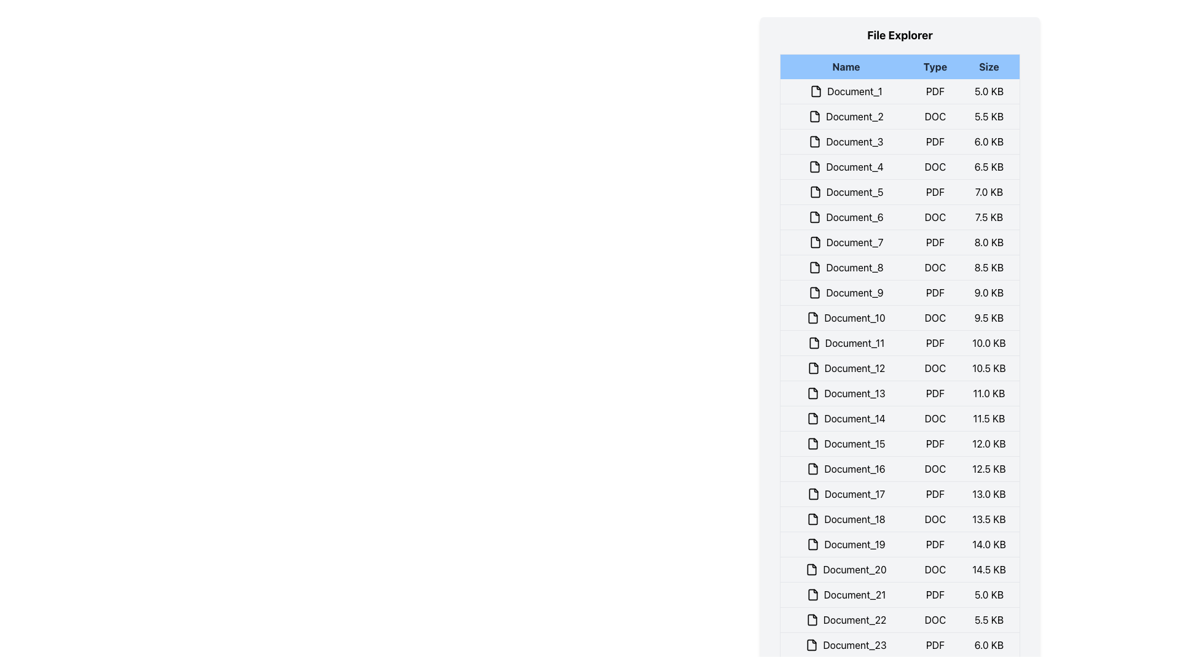 The width and height of the screenshot is (1180, 663). I want to click on the 'Name' header cell of the data table to sort the column, if sorting is enabled, so click(845, 66).